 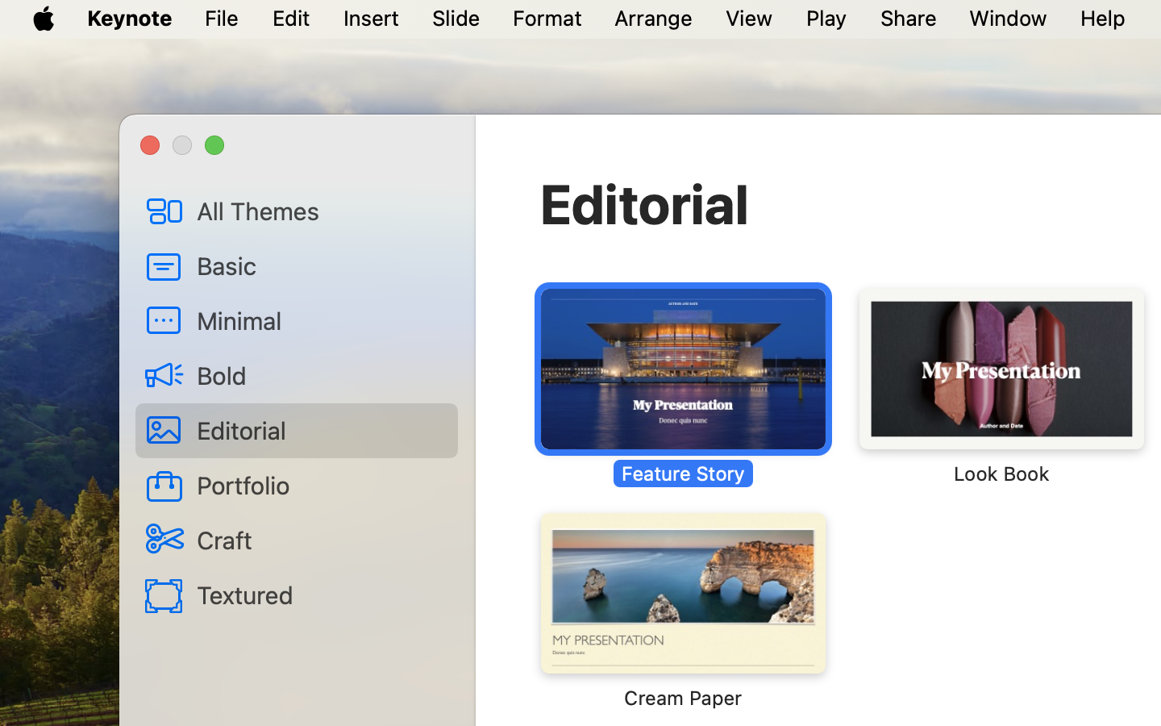 I want to click on '‎⁨Look Book⁩', so click(x=999, y=386).